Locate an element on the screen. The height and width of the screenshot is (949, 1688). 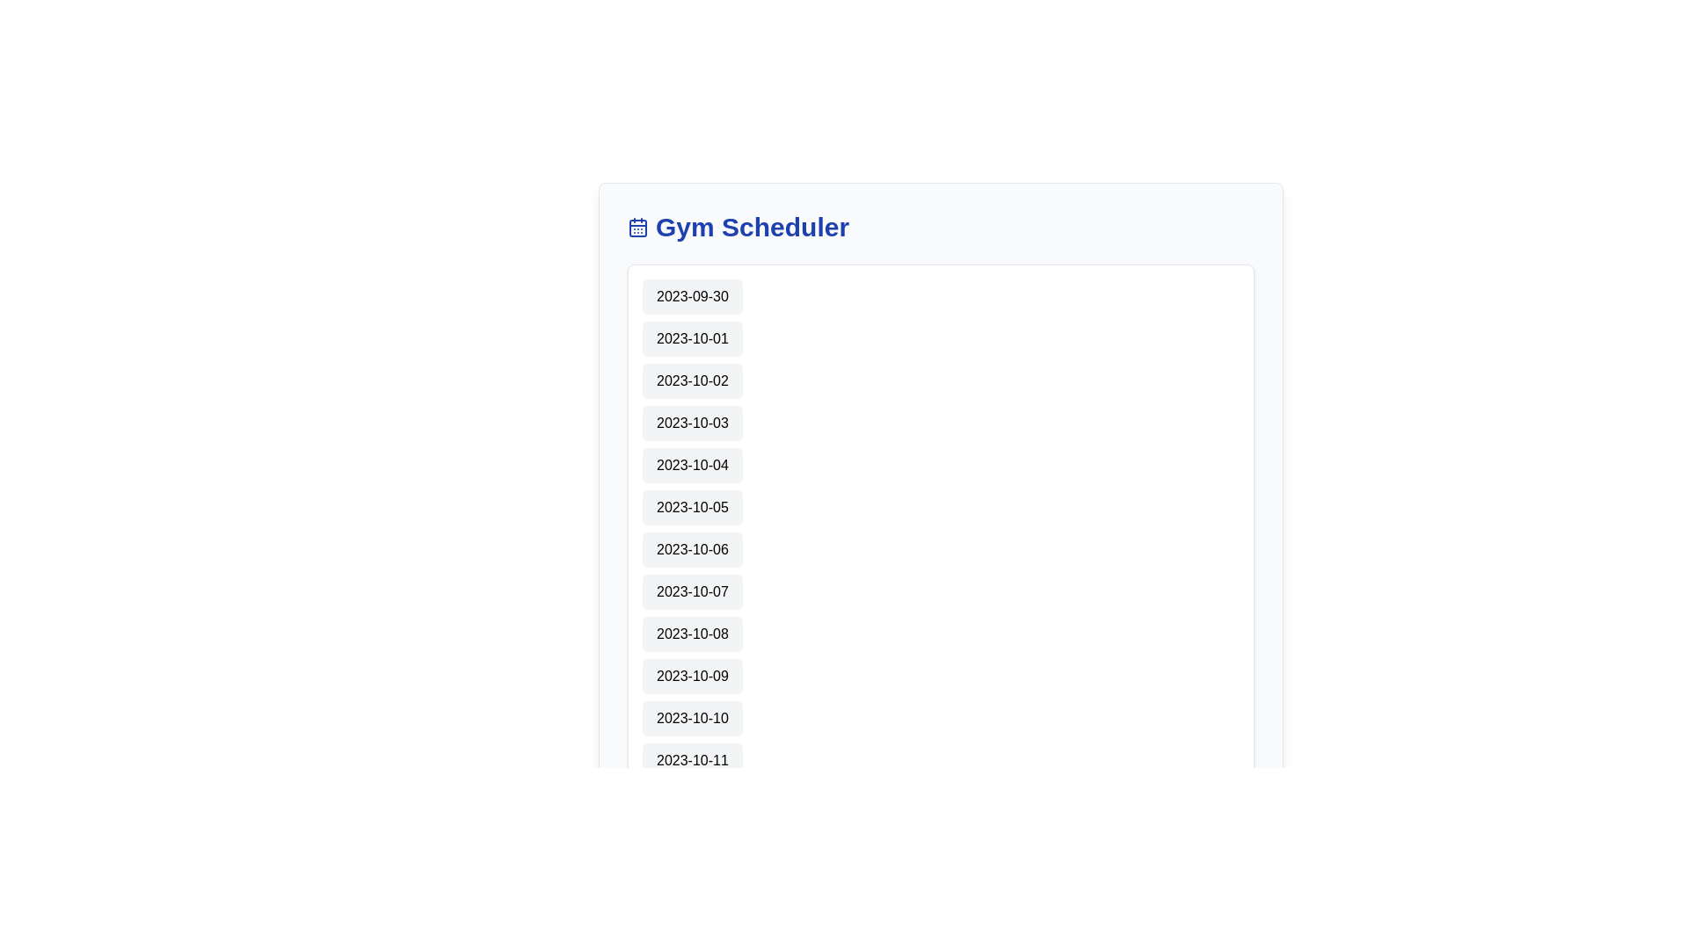
the selectable date button for '2023-10-10' in the scheduler application is located at coordinates (691, 718).